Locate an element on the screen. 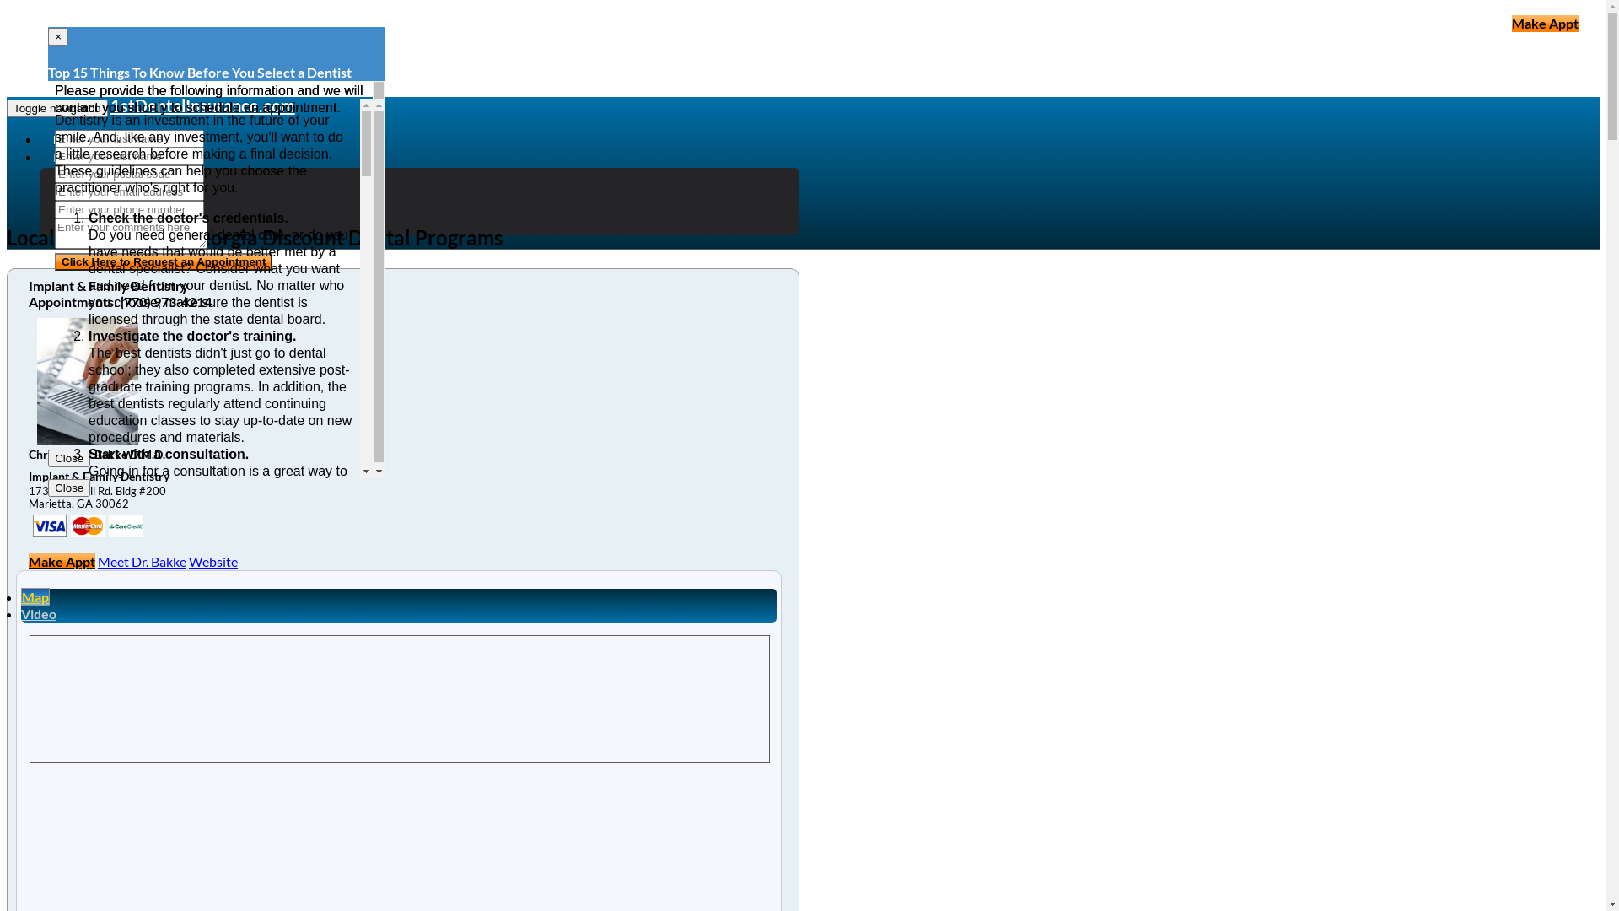 This screenshot has height=911, width=1619. 'Map' is located at coordinates (35, 596).